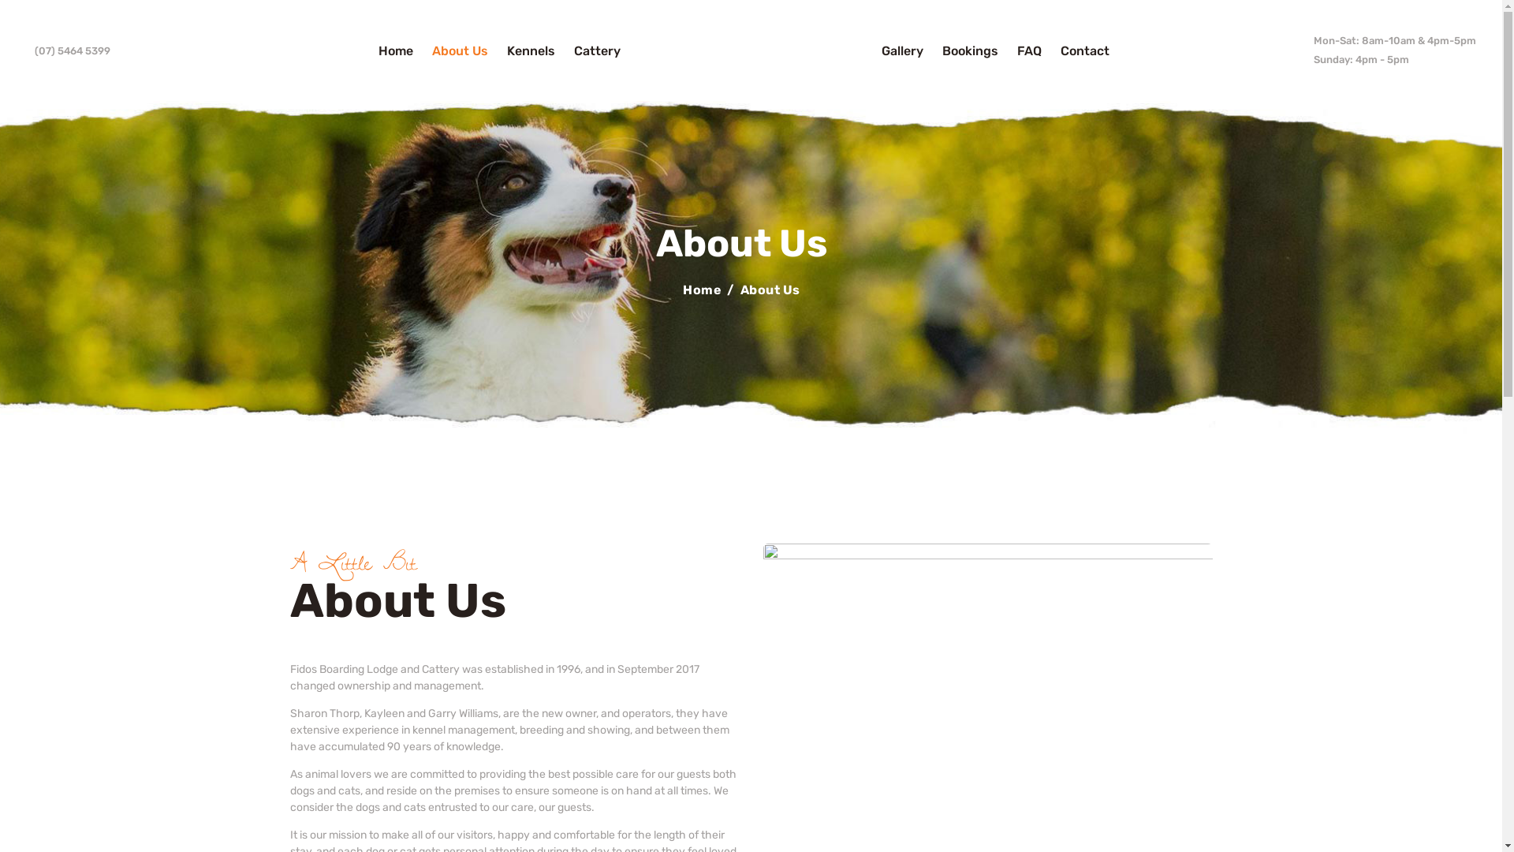 The image size is (1514, 852). Describe the element at coordinates (496, 50) in the screenshot. I see `'Kennels'` at that location.